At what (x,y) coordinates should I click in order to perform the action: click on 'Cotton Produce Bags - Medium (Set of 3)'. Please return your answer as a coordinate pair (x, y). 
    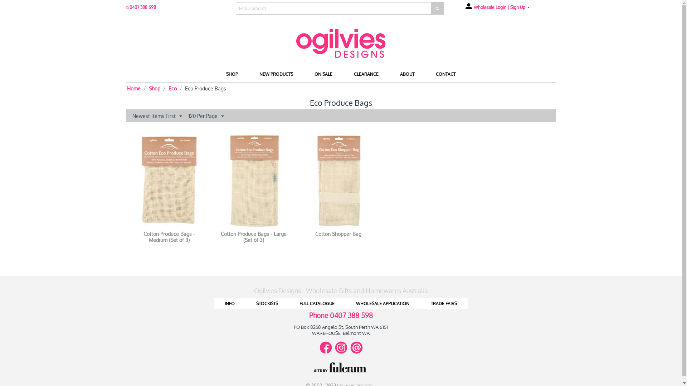
    Looking at the image, I should click on (134, 237).